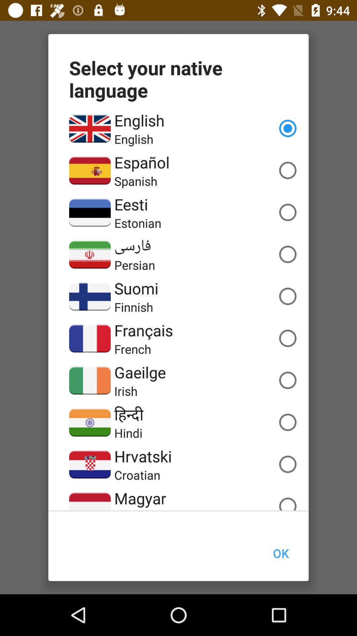 This screenshot has height=636, width=357. What do you see at coordinates (139, 372) in the screenshot?
I see `the gaeilge app` at bounding box center [139, 372].